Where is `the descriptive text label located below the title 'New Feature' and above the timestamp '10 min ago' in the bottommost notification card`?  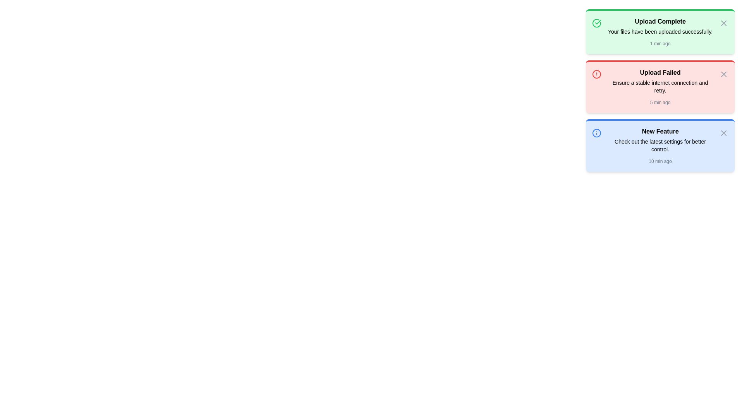
the descriptive text label located below the title 'New Feature' and above the timestamp '10 min ago' in the bottommost notification card is located at coordinates (660, 145).